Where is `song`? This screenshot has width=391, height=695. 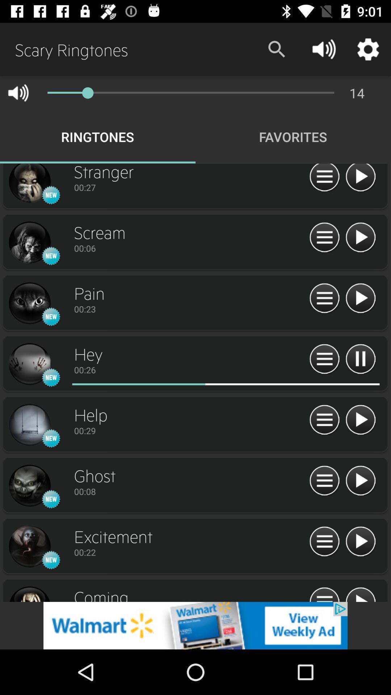 song is located at coordinates (360, 594).